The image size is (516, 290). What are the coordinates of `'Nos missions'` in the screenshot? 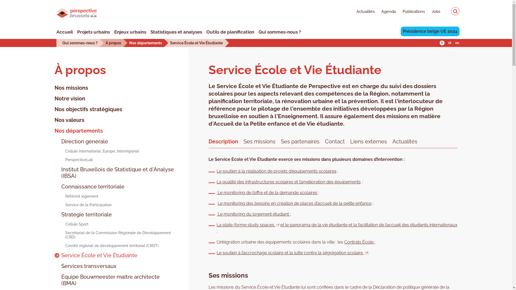 It's located at (71, 88).